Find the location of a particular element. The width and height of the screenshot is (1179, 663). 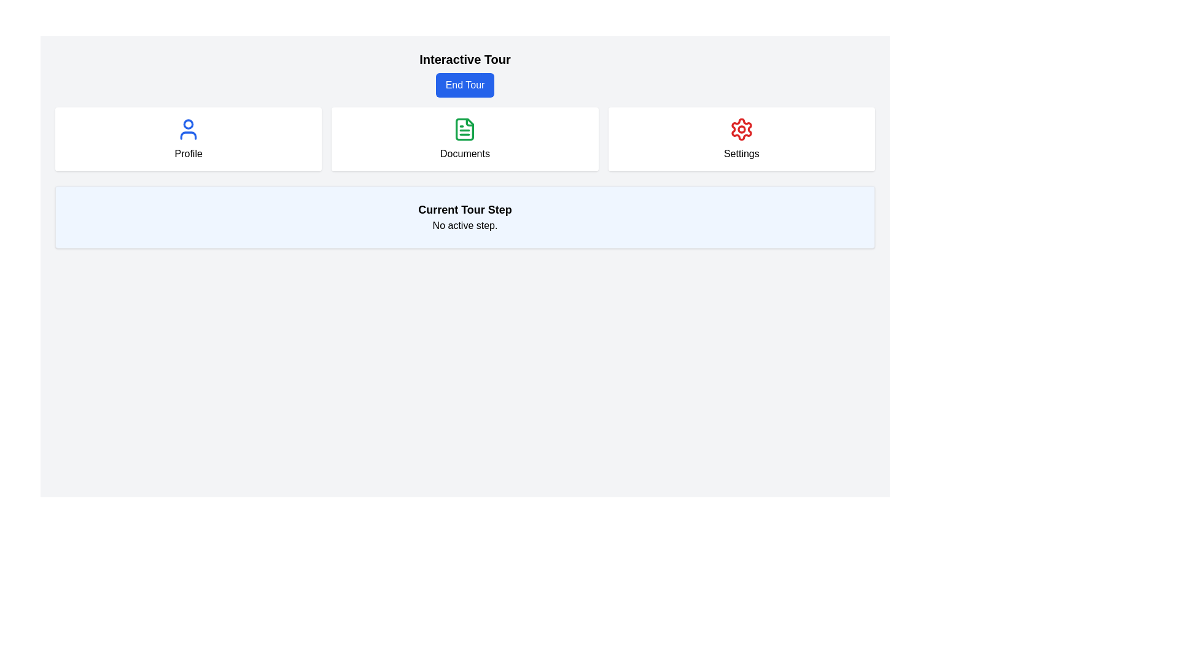

the circular decorative element representing the user profile, located above the 'Profile' text label in the upper central portion of the user interface is located at coordinates (188, 124).